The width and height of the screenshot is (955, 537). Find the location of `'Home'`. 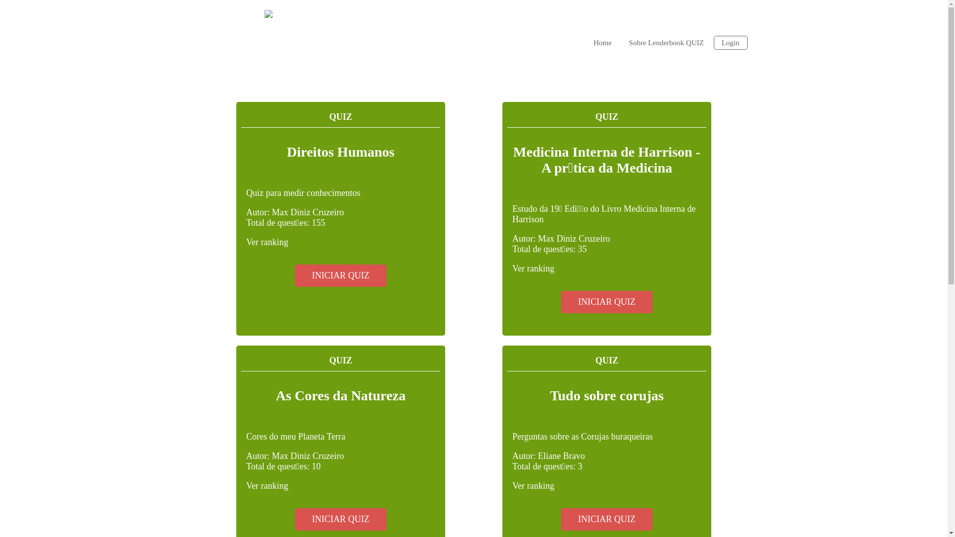

'Home' is located at coordinates (602, 41).